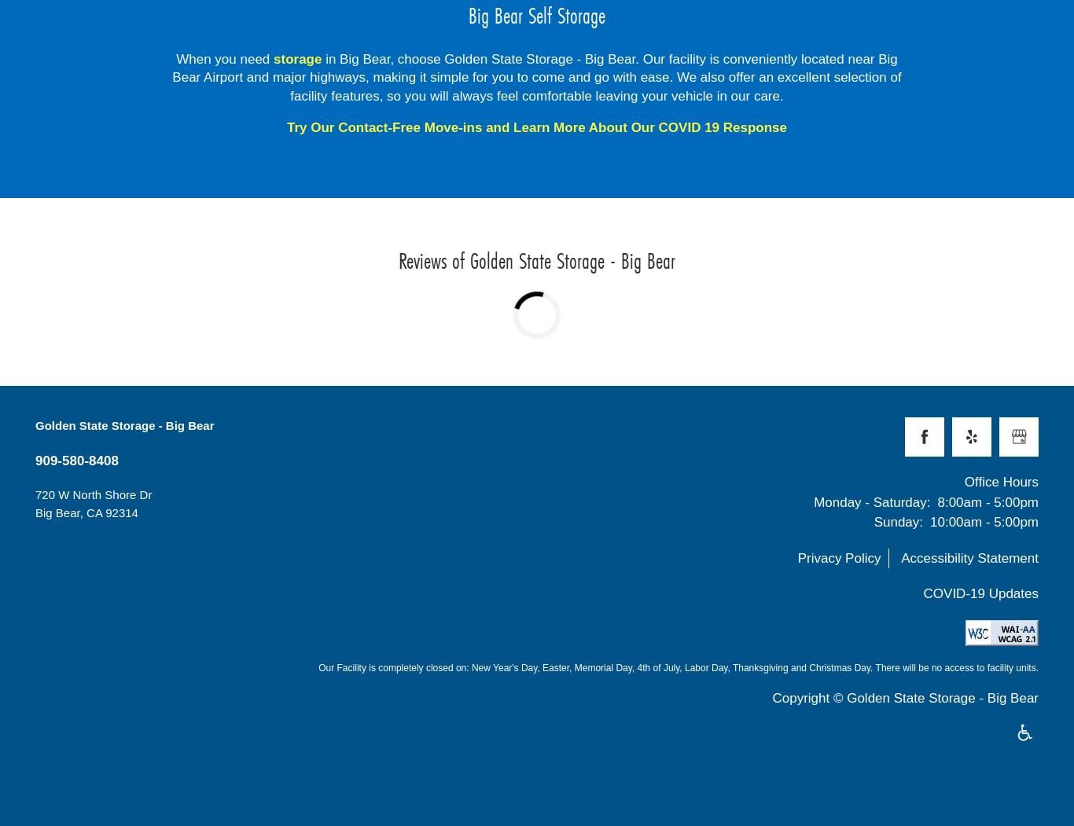  Describe the element at coordinates (535, 77) in the screenshot. I see `'in Big Bear, choose Golden State Storage - Big Bear. Our facility is conveniently located near Big Bear Airport and major highways, making it simple for you to come and go with ease. We also offer an excellent selection of facility features, so you will always feel comfortable leaving your vehicle in our care.'` at that location.